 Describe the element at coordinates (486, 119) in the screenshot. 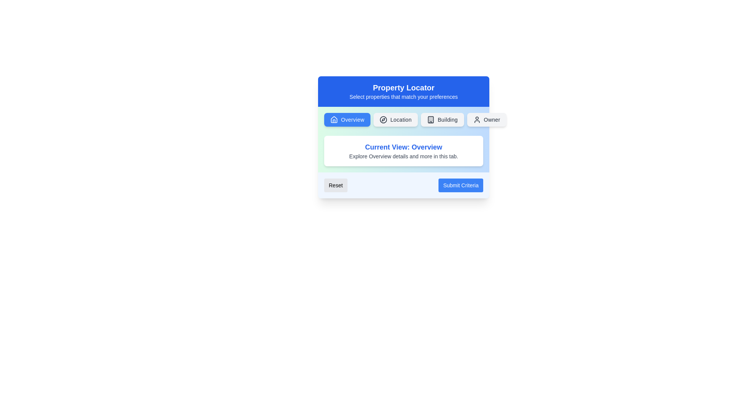

I see `the 'Owner' navigation tab button located at the top-right side of the interface's main card for keyboard interaction` at that location.